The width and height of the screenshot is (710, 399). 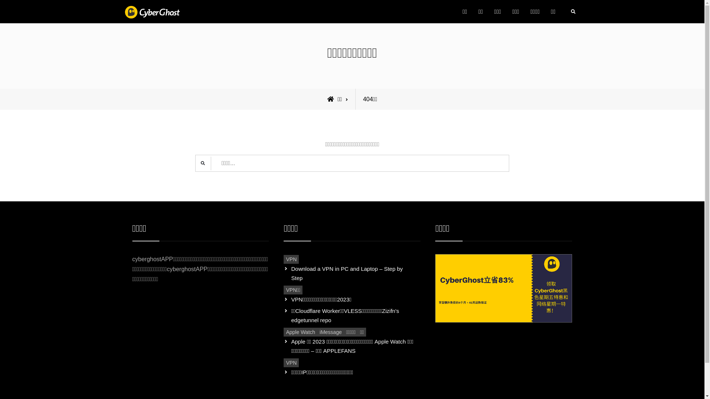 What do you see at coordinates (283, 331) in the screenshot?
I see `'Apple Watch'` at bounding box center [283, 331].